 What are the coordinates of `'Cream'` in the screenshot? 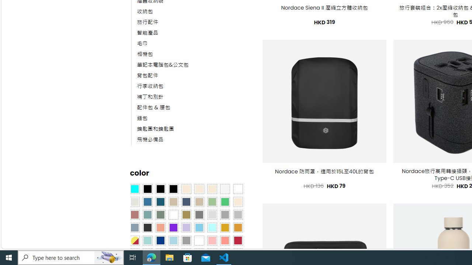 It's located at (211, 189).